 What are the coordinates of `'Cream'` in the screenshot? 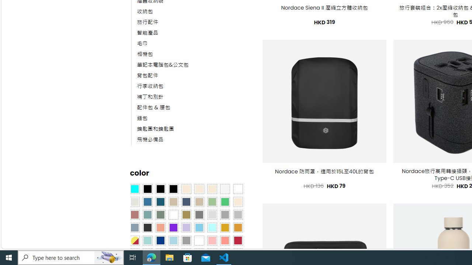 It's located at (211, 189).